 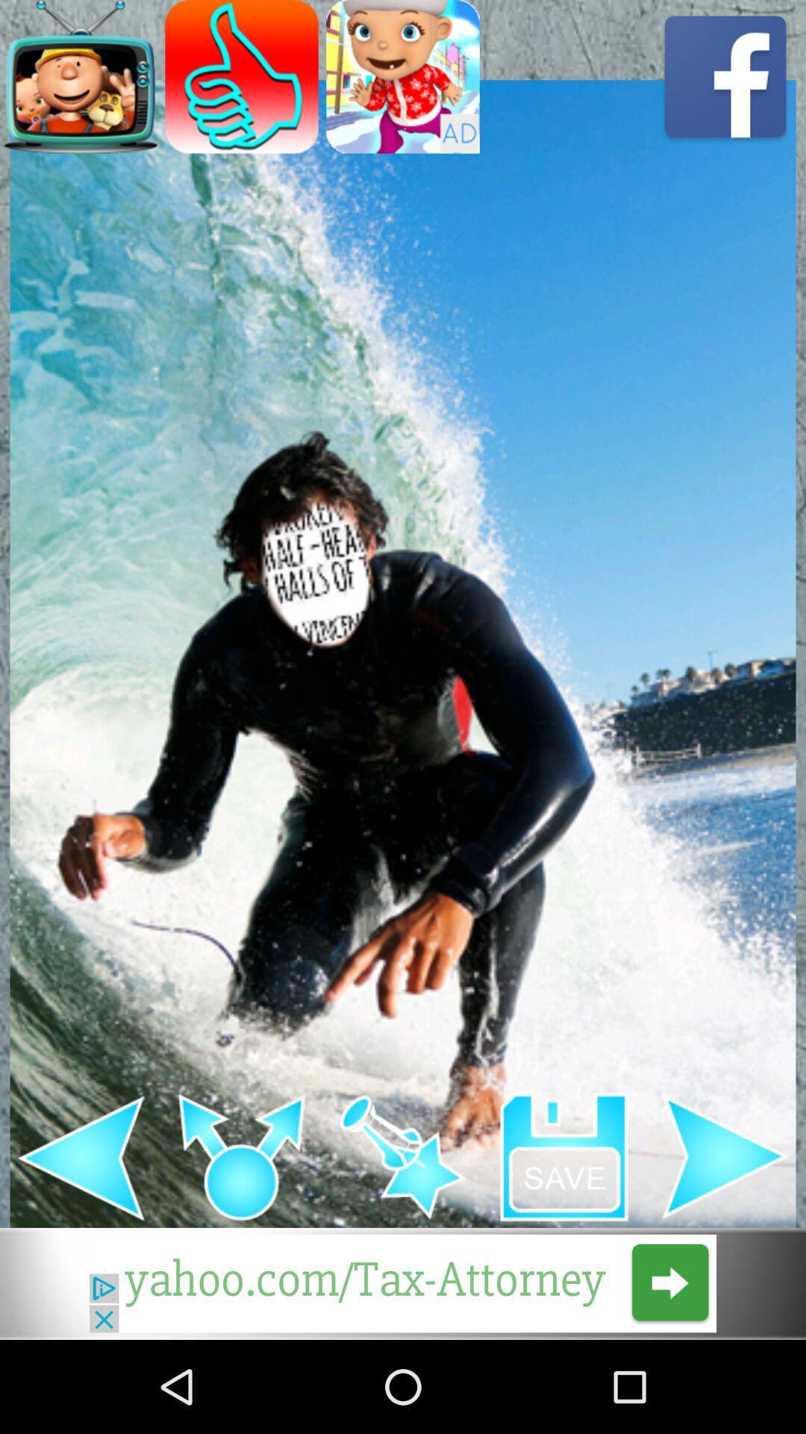 What do you see at coordinates (241, 75) in the screenshot?
I see `thubs up` at bounding box center [241, 75].